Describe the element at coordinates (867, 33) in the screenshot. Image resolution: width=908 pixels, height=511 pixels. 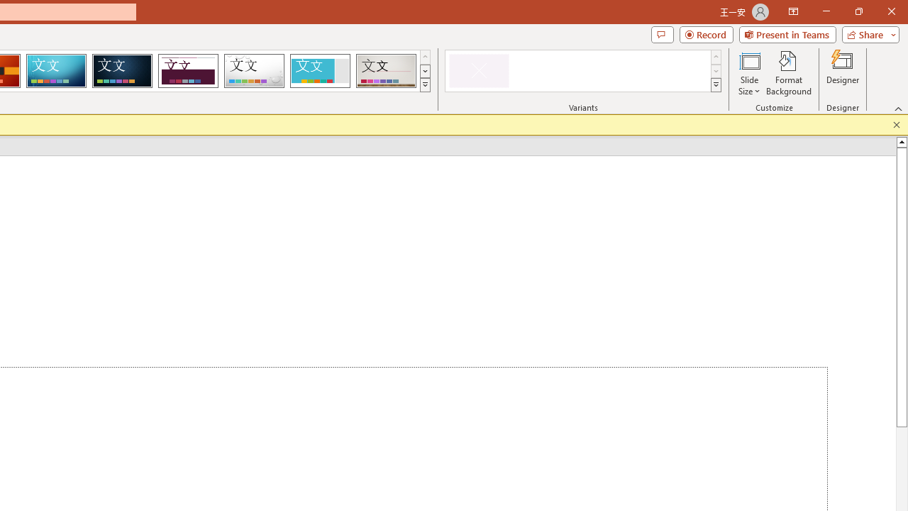
I see `'Share'` at that location.